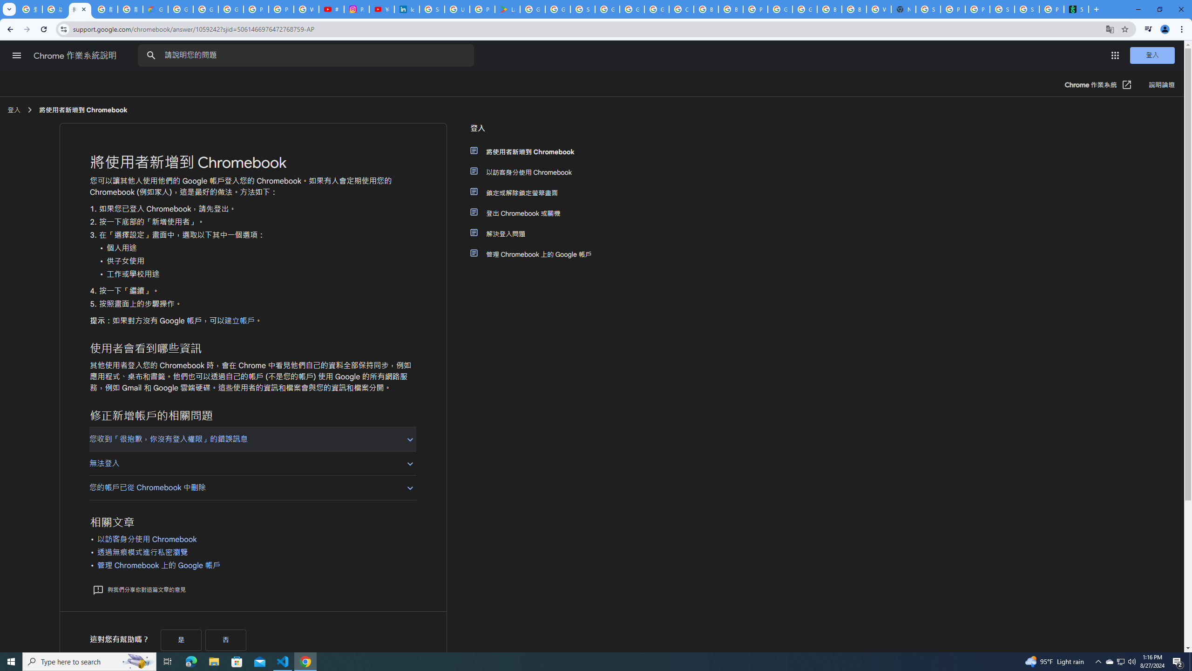  What do you see at coordinates (780, 9) in the screenshot?
I see `'Google Cloud Platform'` at bounding box center [780, 9].